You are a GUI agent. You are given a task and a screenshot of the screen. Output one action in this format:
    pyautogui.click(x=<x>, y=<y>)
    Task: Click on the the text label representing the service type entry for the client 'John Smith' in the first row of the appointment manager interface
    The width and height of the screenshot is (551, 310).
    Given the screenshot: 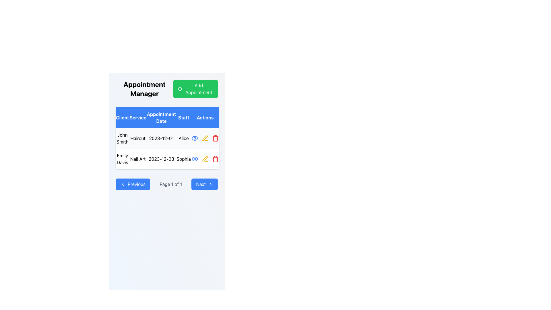 What is the action you would take?
    pyautogui.click(x=138, y=138)
    